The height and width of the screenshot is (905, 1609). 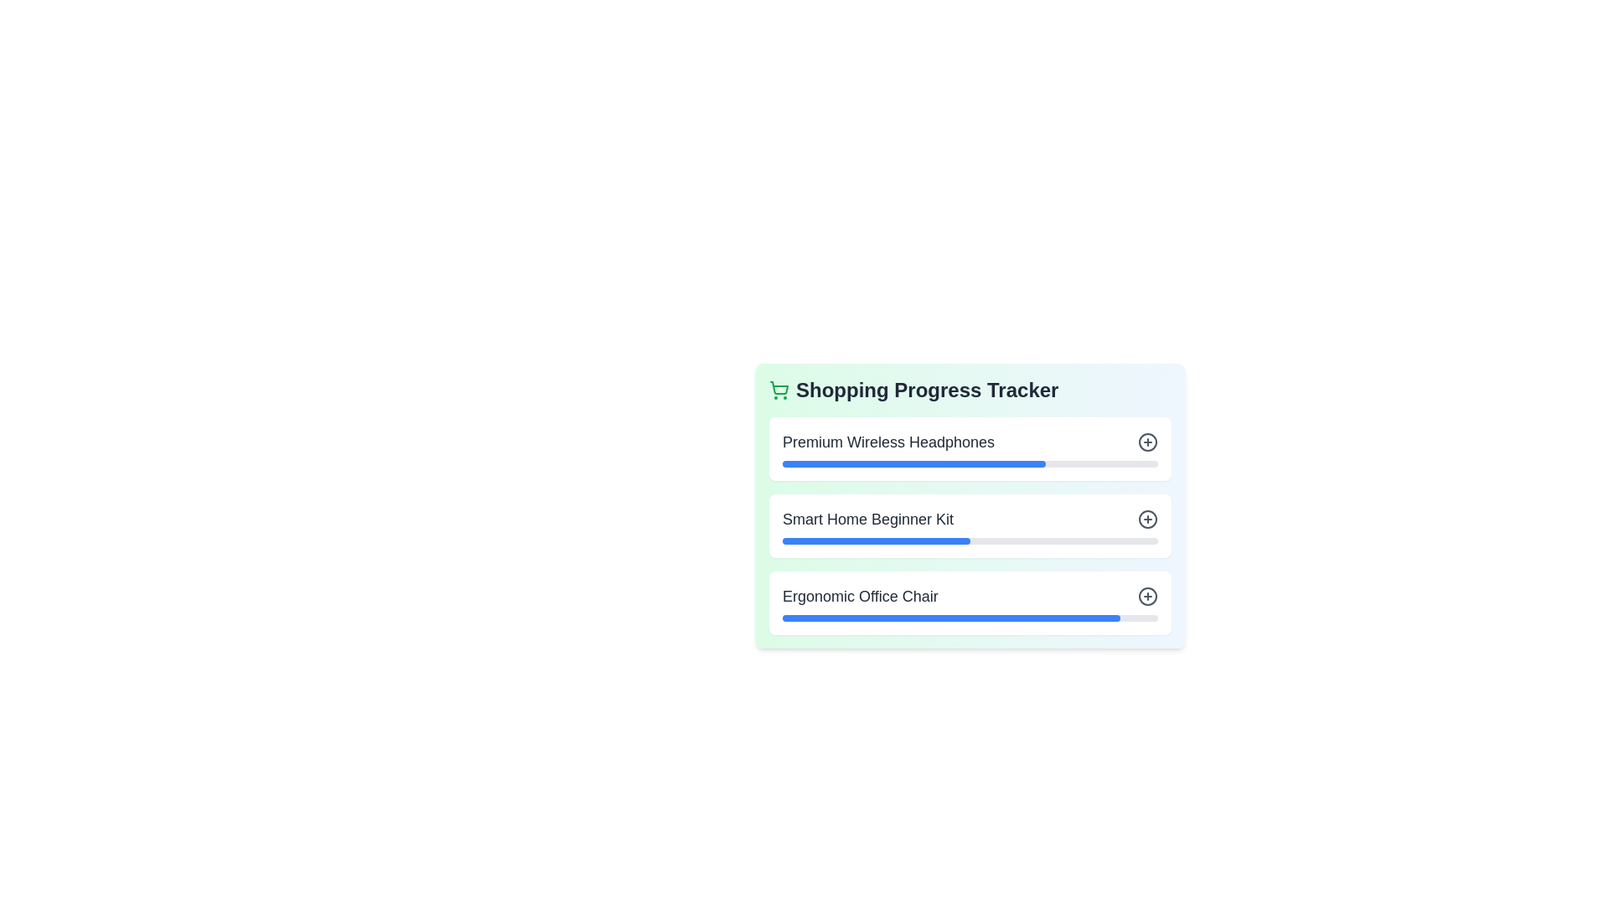 What do you see at coordinates (970, 618) in the screenshot?
I see `the non-interactive progress bar located within the 'Ergonomic Office Chair' card, which is the third card in the vertical list` at bounding box center [970, 618].